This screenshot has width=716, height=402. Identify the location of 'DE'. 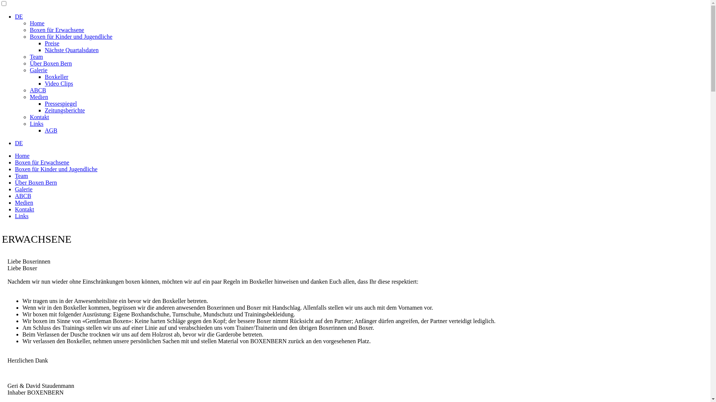
(19, 16).